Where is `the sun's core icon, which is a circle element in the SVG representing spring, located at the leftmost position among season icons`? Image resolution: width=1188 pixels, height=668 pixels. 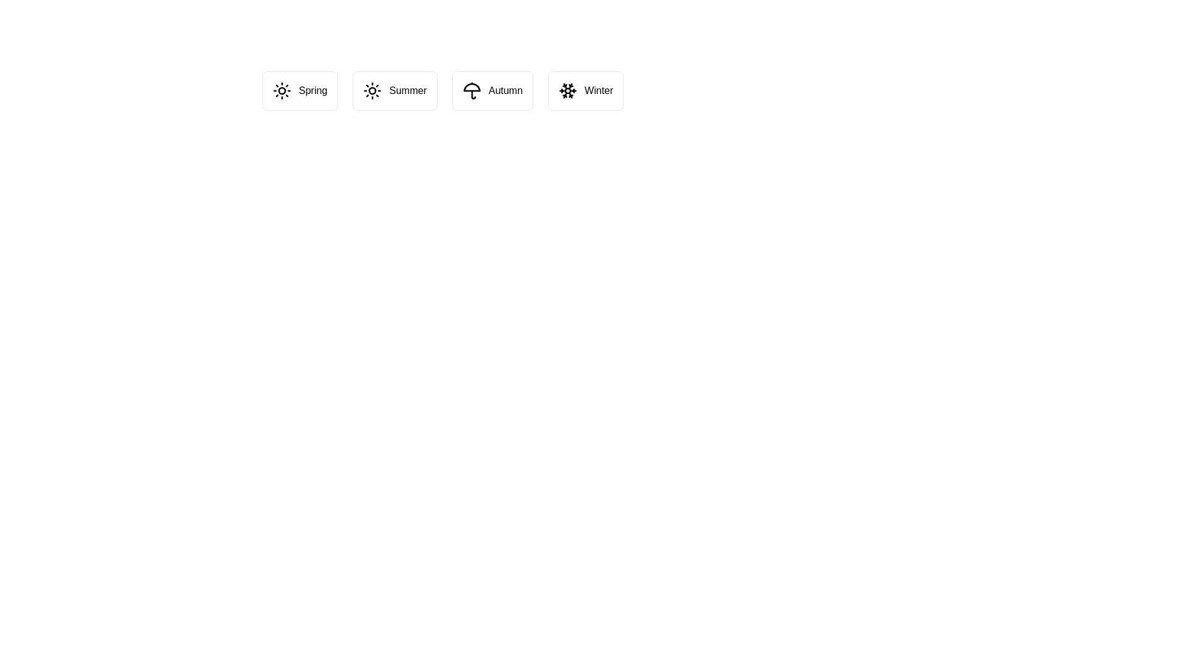
the sun's core icon, which is a circle element in the SVG representing spring, located at the leftmost position among season icons is located at coordinates (282, 90).